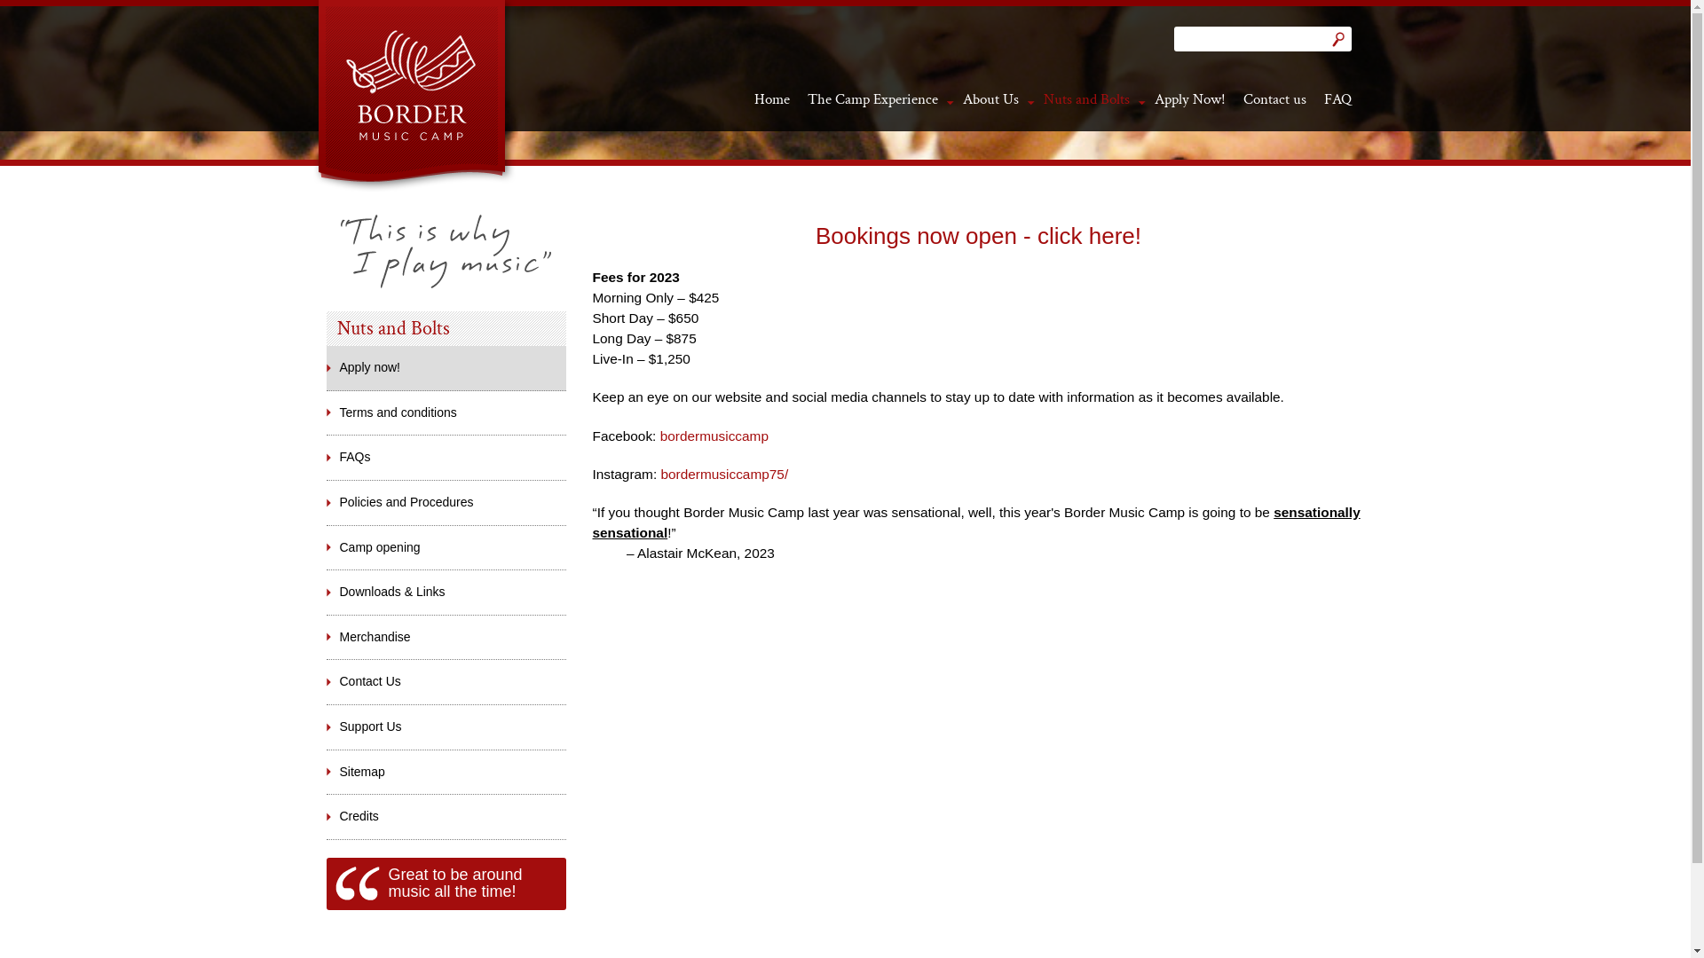 The width and height of the screenshot is (1704, 958). Describe the element at coordinates (446, 772) in the screenshot. I see `'Sitemap'` at that location.